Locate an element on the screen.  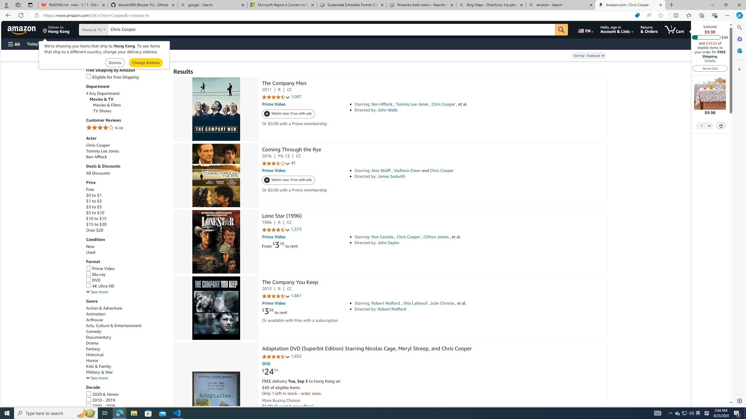
'3.3 out of 5 stars' is located at coordinates (276, 164).